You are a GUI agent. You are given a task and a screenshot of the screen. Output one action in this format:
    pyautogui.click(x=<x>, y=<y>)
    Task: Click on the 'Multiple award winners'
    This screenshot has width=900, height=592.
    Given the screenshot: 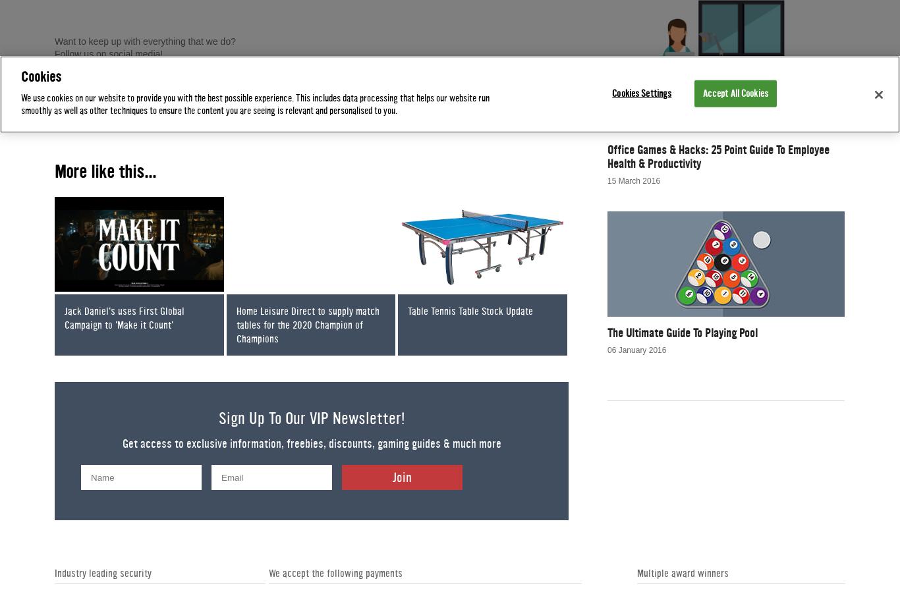 What is the action you would take?
    pyautogui.click(x=636, y=573)
    